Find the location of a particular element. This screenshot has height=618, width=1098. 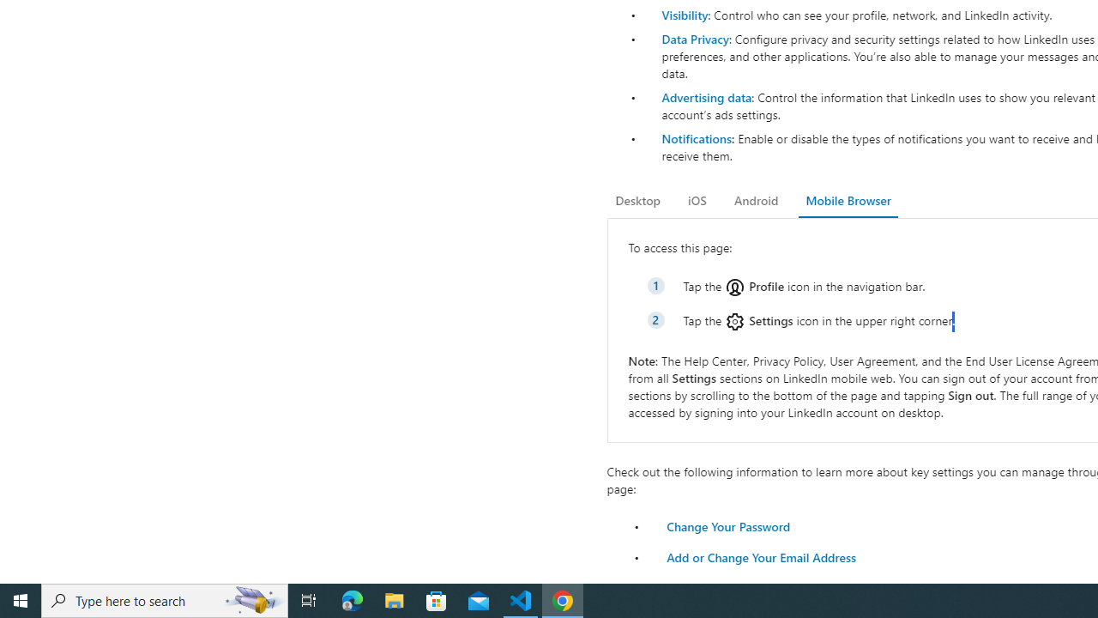

'Mobile Browser' is located at coordinates (848, 200).